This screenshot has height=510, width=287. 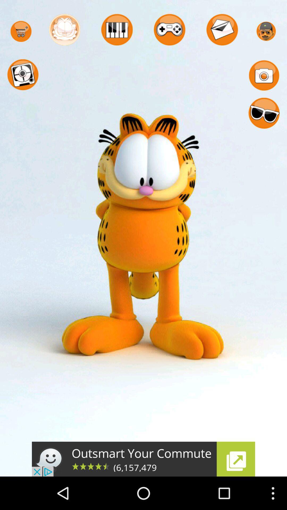 I want to click on the icon under the camera icon, so click(x=264, y=113).